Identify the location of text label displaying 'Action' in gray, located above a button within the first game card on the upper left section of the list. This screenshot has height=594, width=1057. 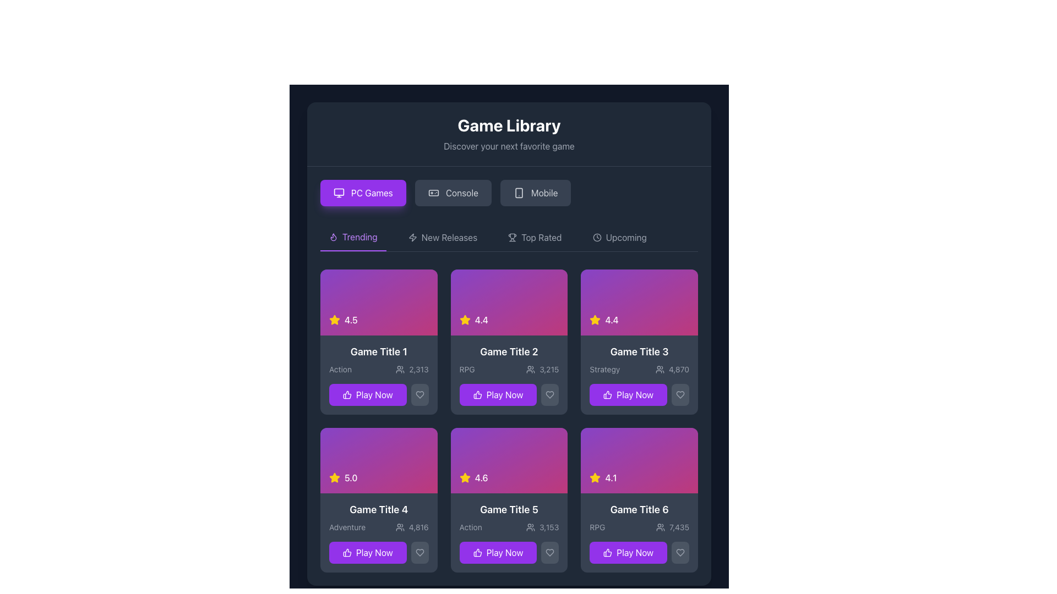
(340, 369).